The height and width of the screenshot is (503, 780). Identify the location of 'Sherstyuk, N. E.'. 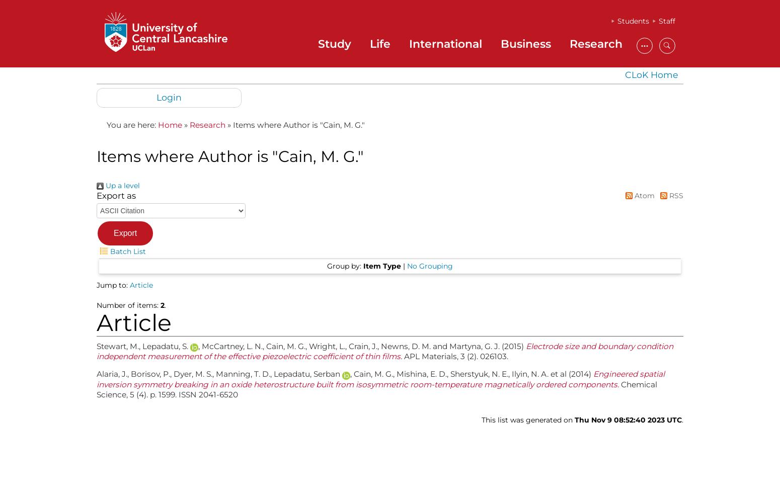
(479, 373).